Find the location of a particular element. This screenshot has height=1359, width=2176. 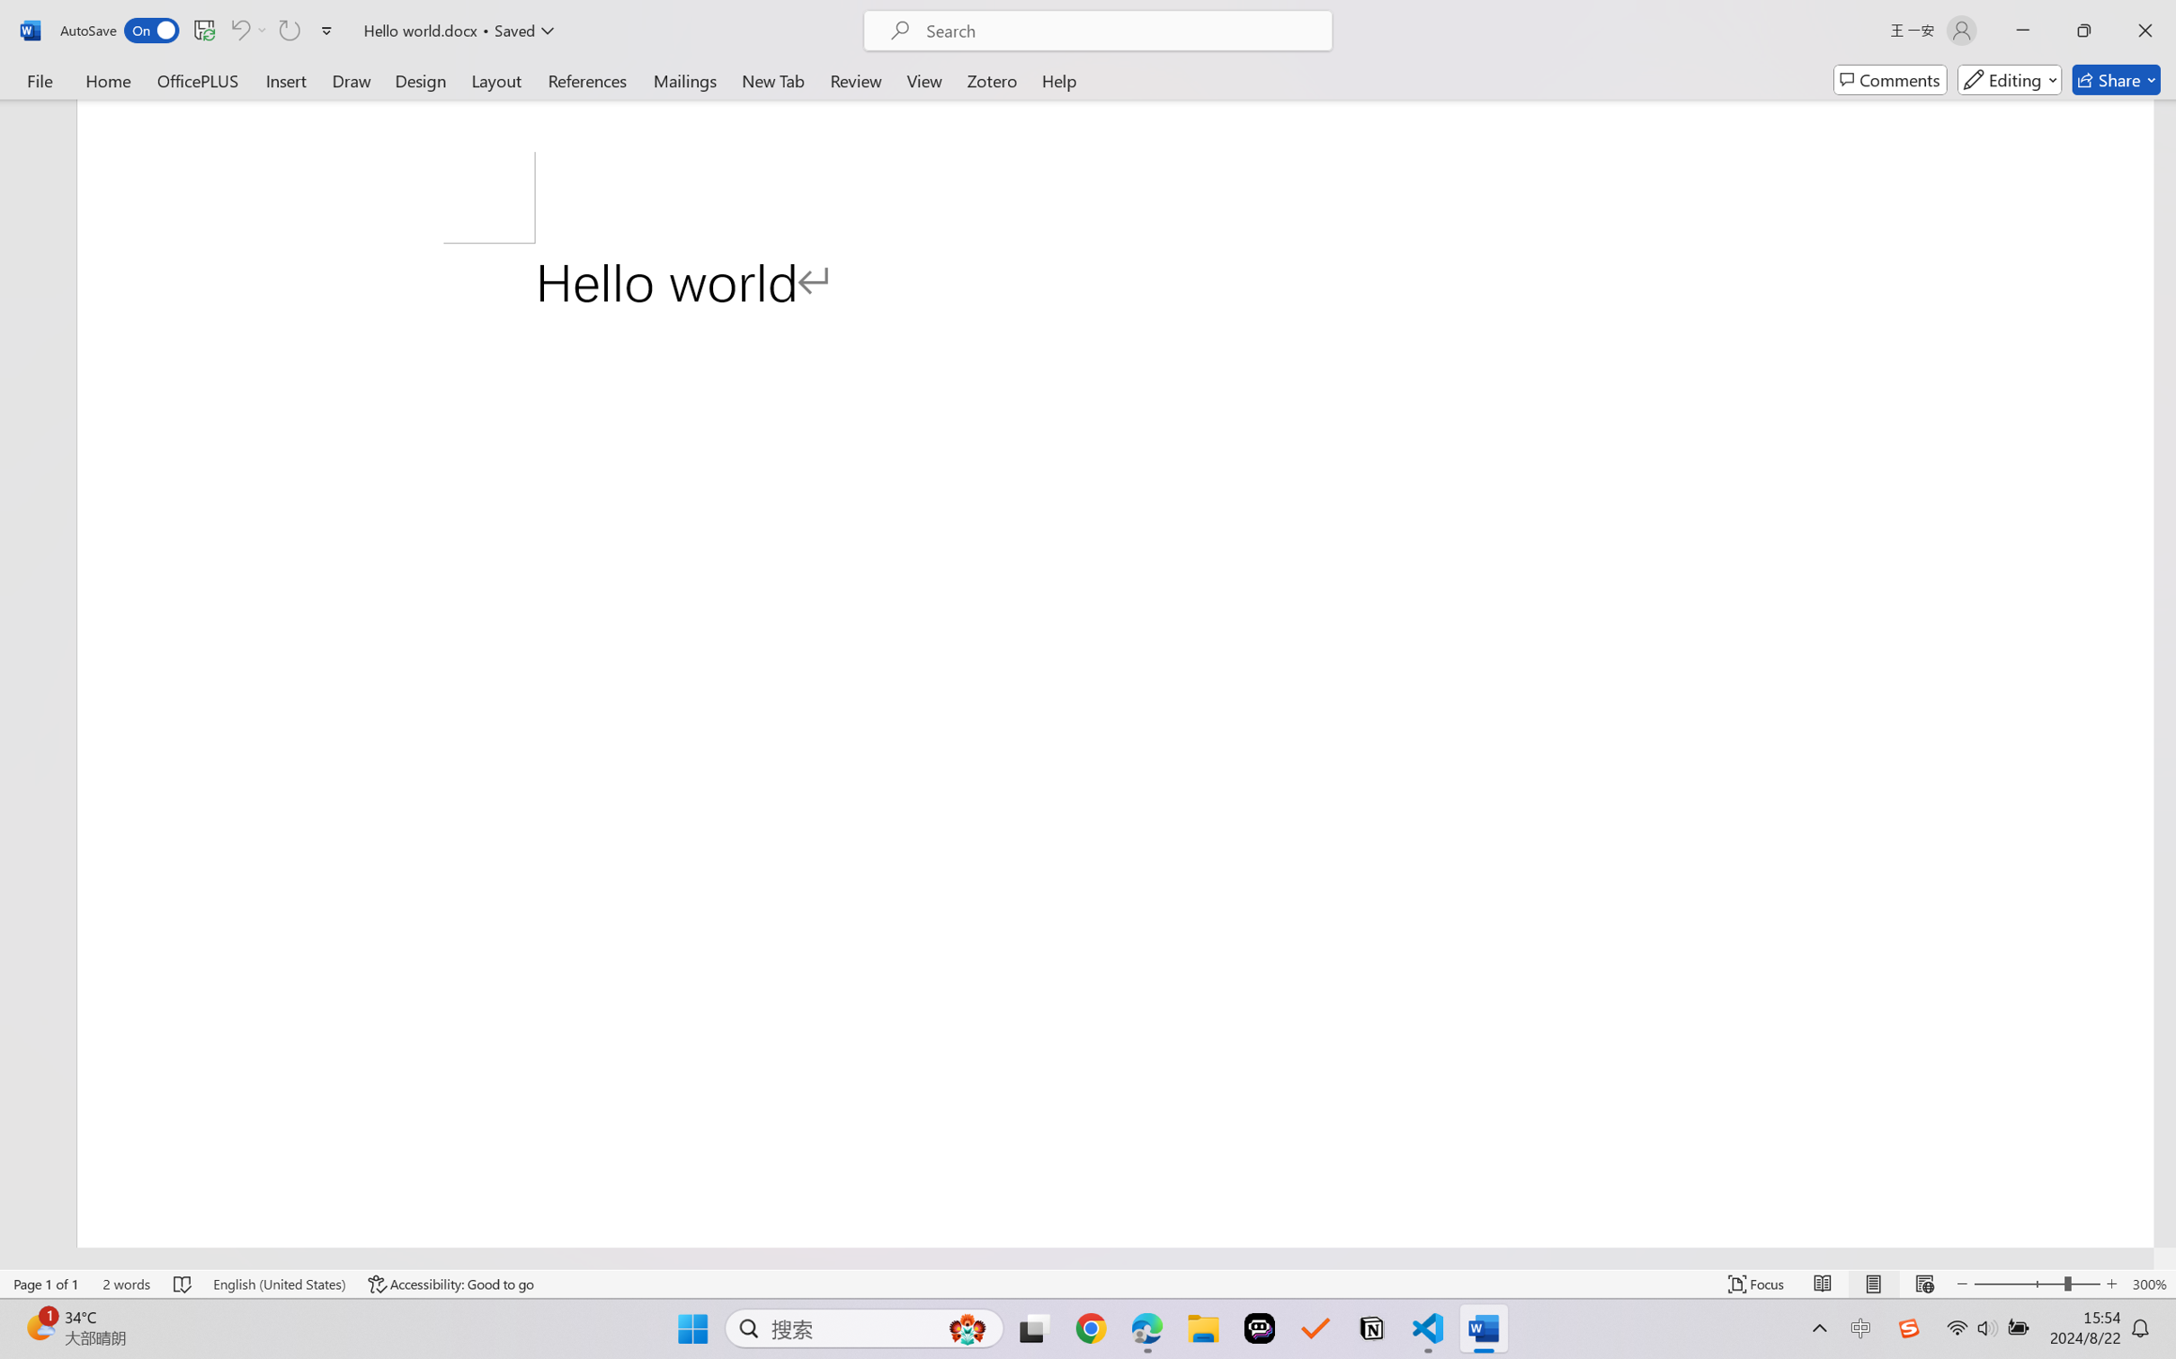

'Restore Down' is located at coordinates (2084, 30).